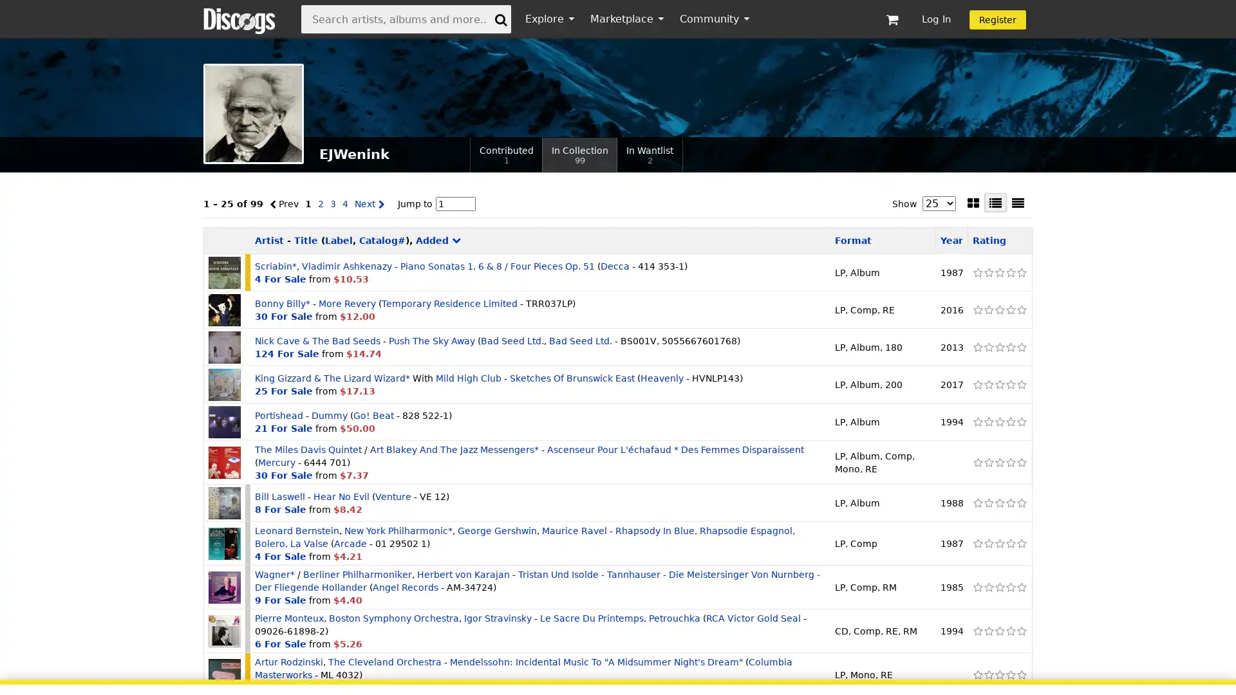 Image resolution: width=1236 pixels, height=695 pixels. What do you see at coordinates (988, 310) in the screenshot?
I see `Rate this release 2 stars.` at bounding box center [988, 310].